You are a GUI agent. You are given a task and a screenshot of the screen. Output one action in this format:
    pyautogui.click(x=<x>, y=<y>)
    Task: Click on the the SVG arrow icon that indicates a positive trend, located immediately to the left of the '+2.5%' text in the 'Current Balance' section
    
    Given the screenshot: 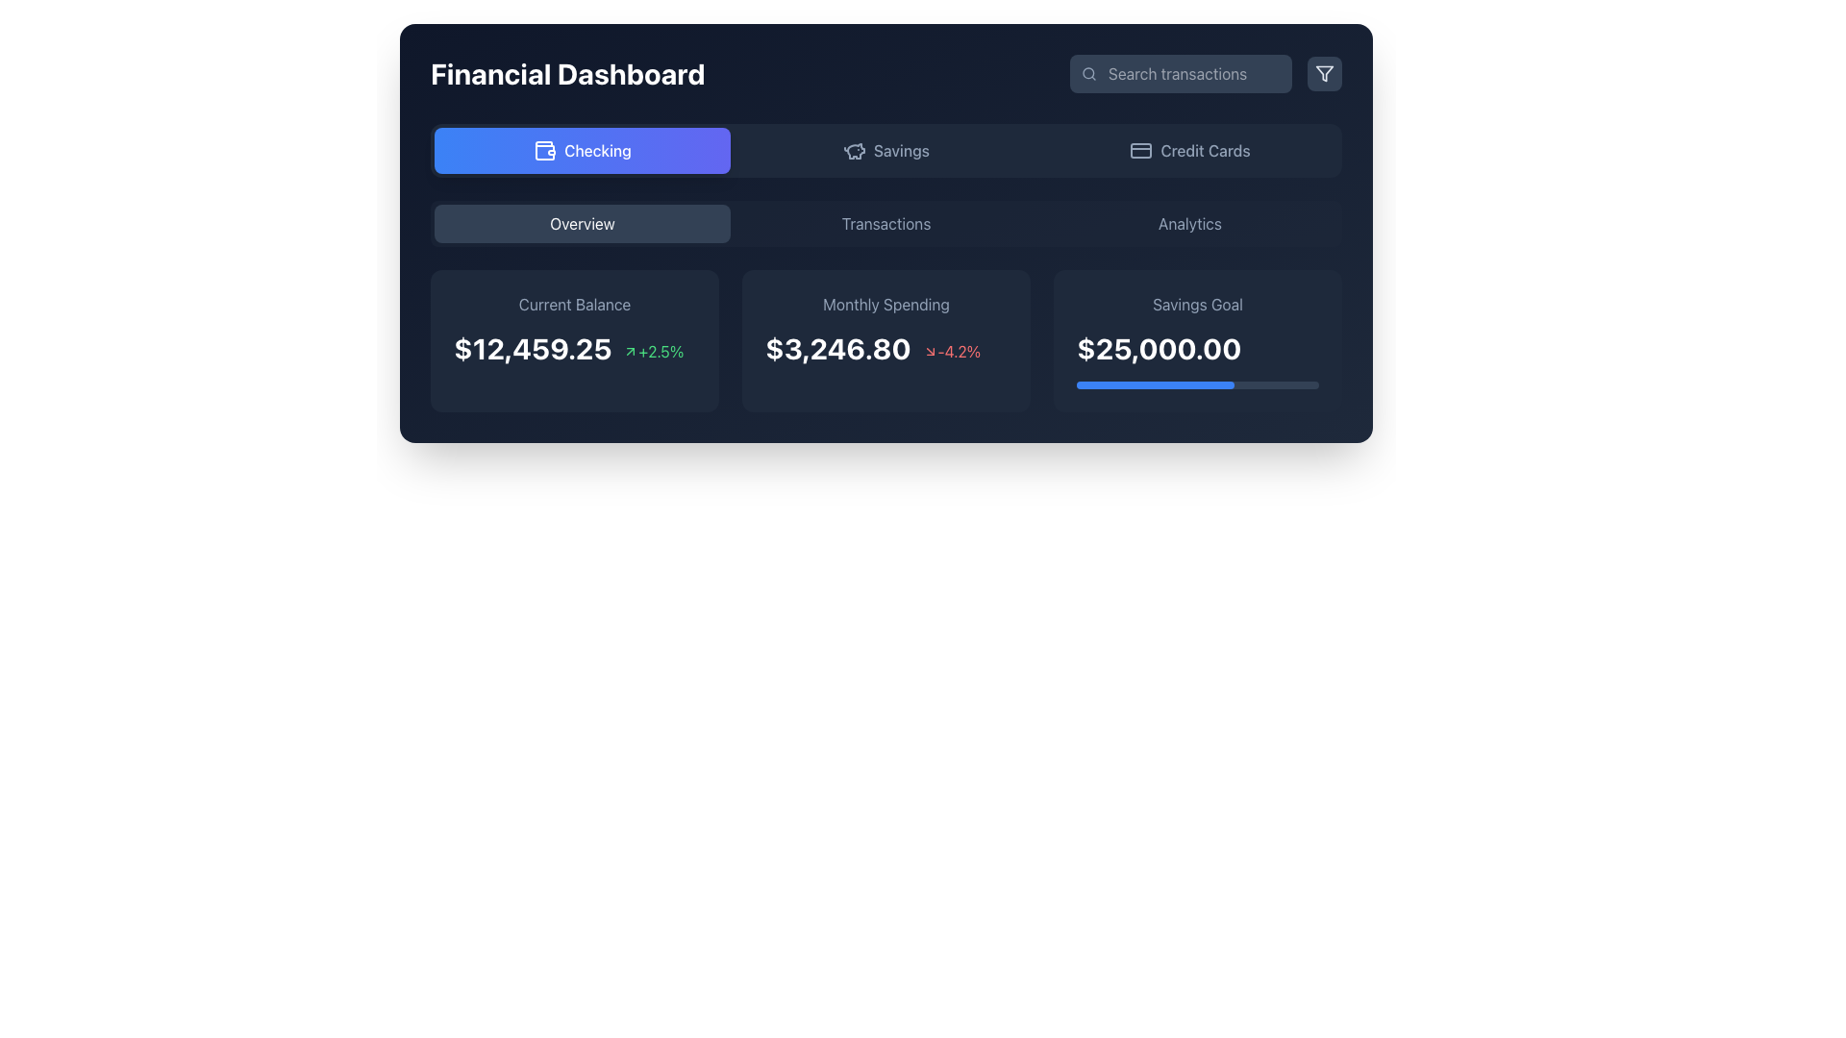 What is the action you would take?
    pyautogui.click(x=631, y=352)
    